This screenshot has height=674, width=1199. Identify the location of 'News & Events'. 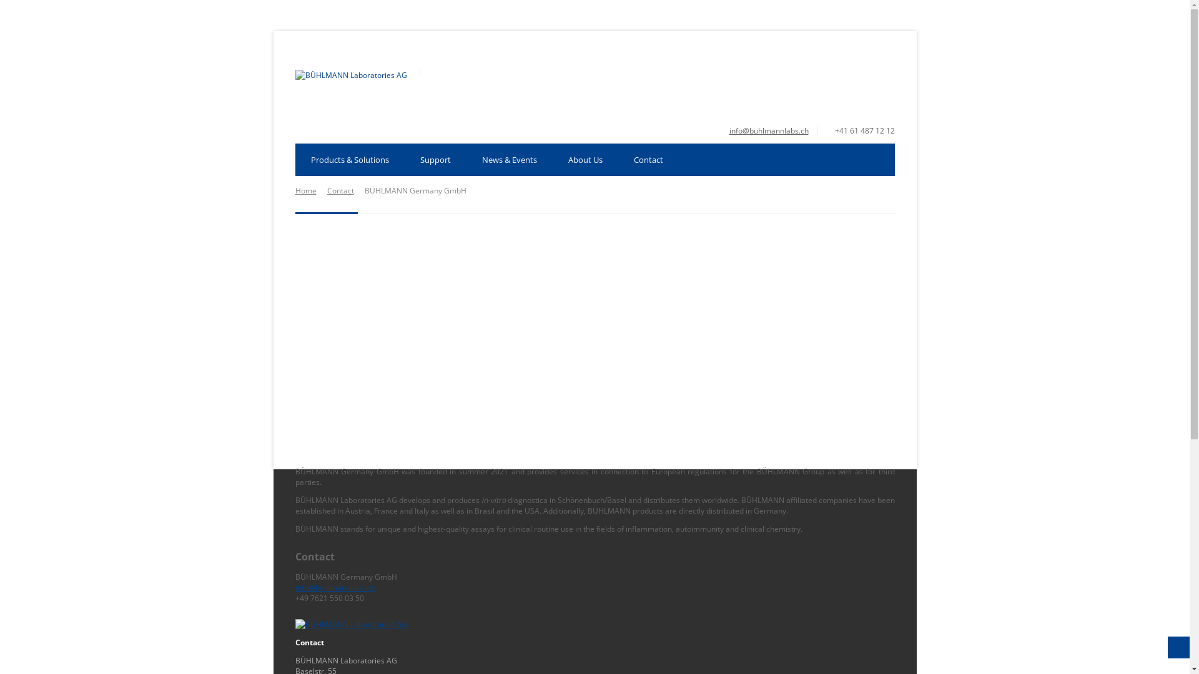
(509, 159).